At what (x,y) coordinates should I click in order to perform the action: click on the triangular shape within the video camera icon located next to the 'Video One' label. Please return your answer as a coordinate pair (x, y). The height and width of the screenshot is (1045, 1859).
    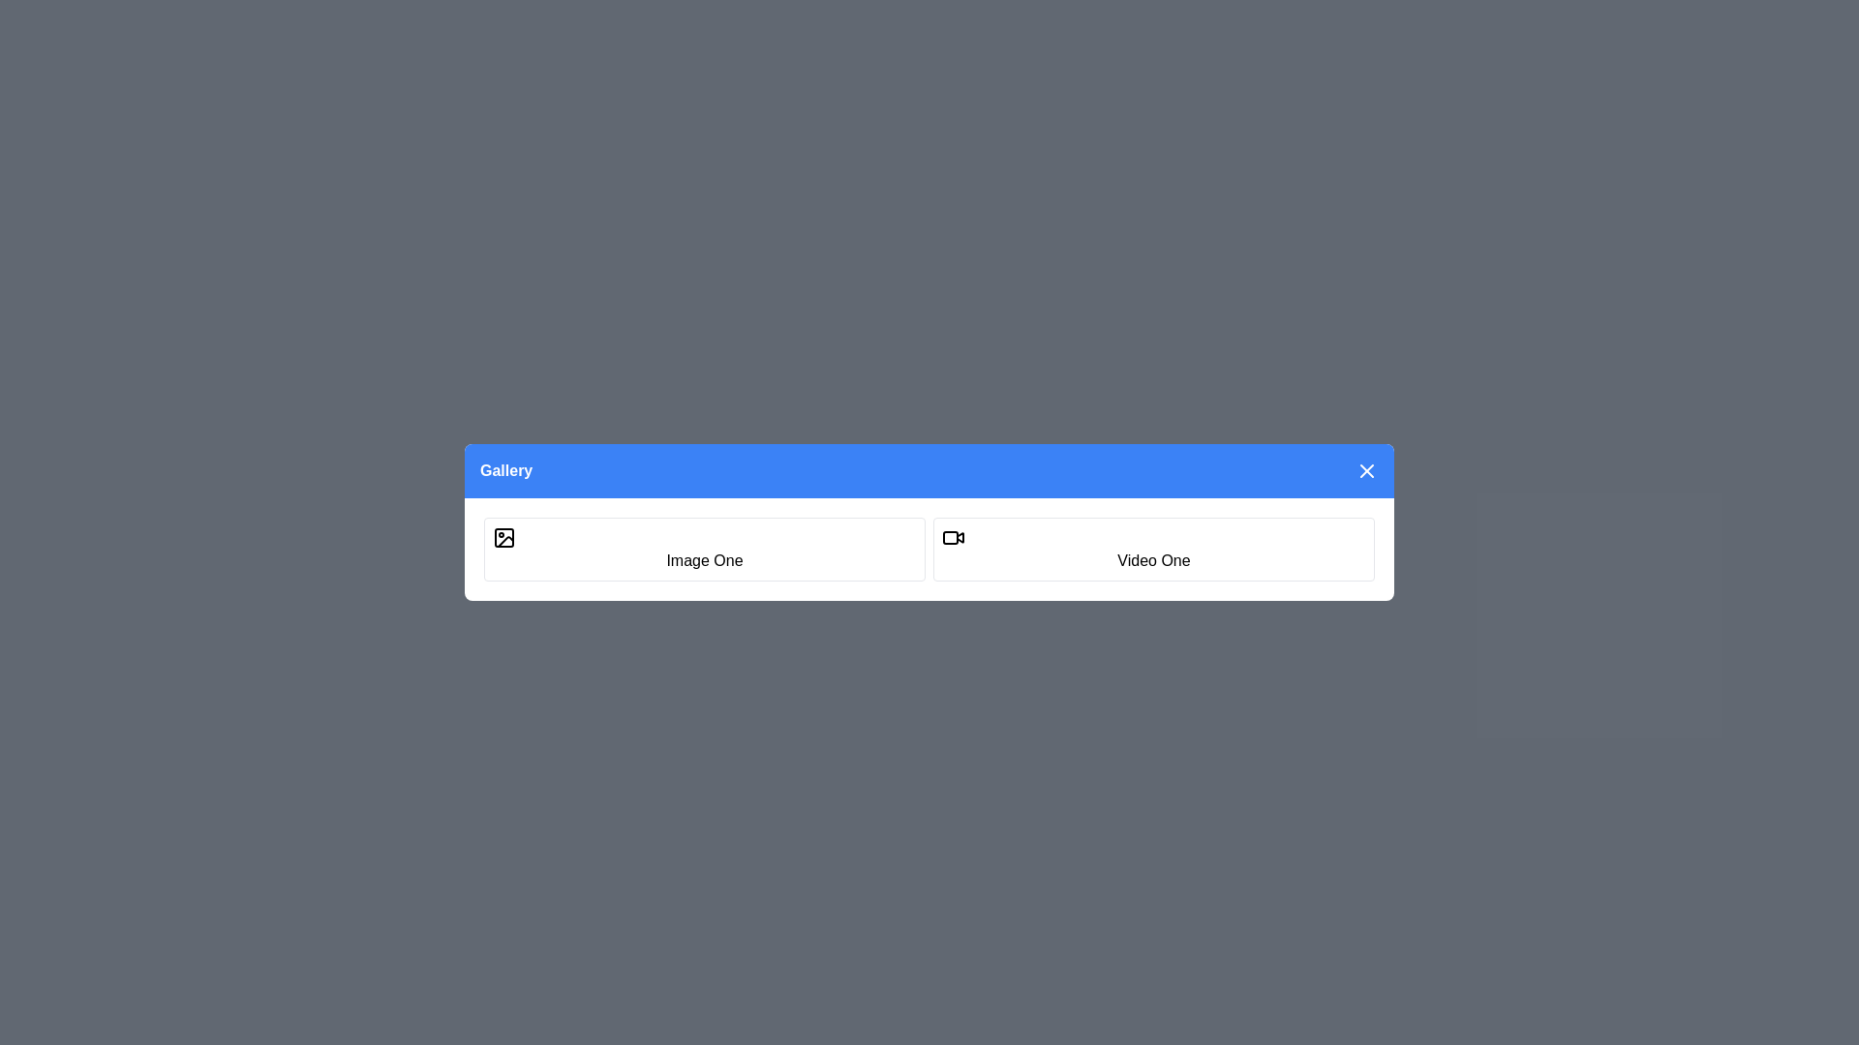
    Looking at the image, I should click on (960, 537).